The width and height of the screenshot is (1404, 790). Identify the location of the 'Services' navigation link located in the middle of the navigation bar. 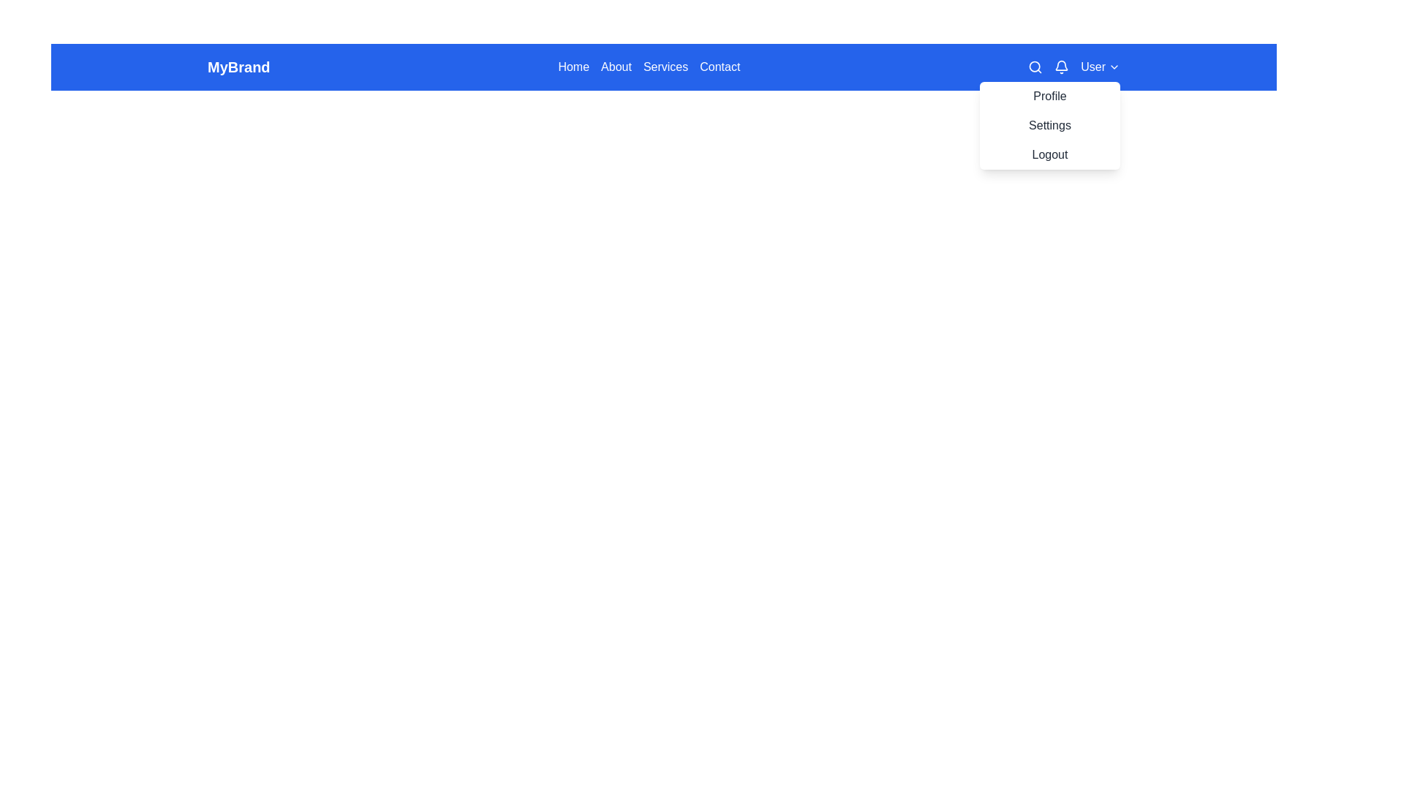
(663, 67).